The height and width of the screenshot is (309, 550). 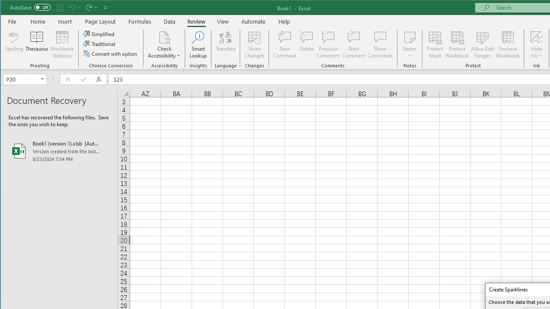 I want to click on 'Convert with option', so click(x=110, y=54).